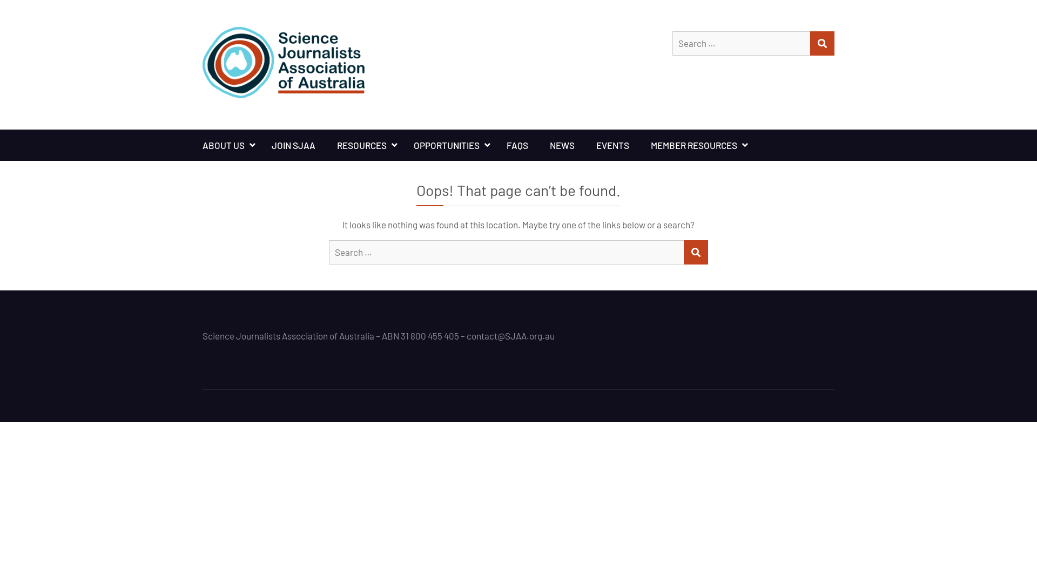  I want to click on 'OPPORTUNITIES', so click(449, 145).